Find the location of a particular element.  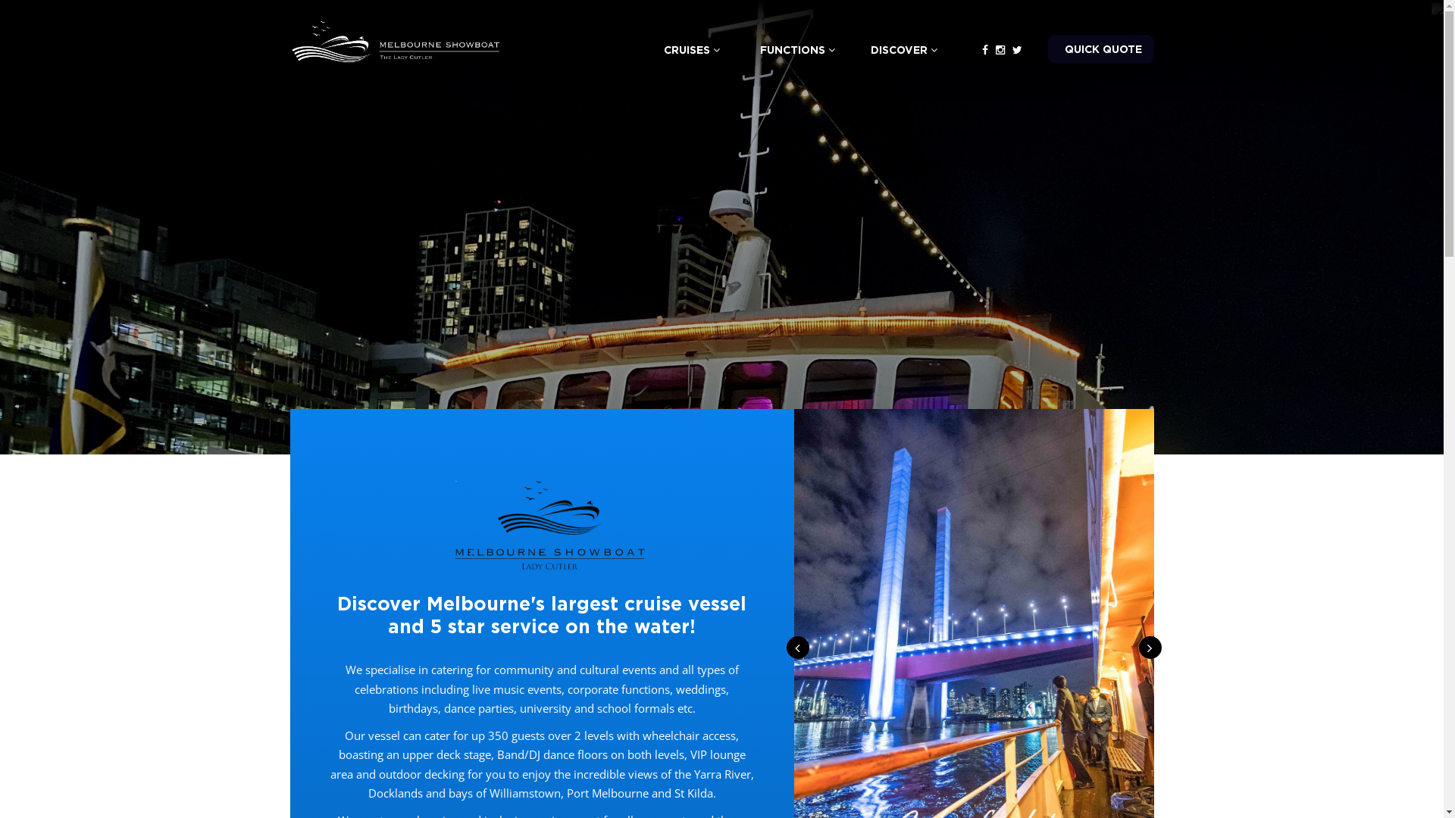

'CRUISES' is located at coordinates (637, 48).